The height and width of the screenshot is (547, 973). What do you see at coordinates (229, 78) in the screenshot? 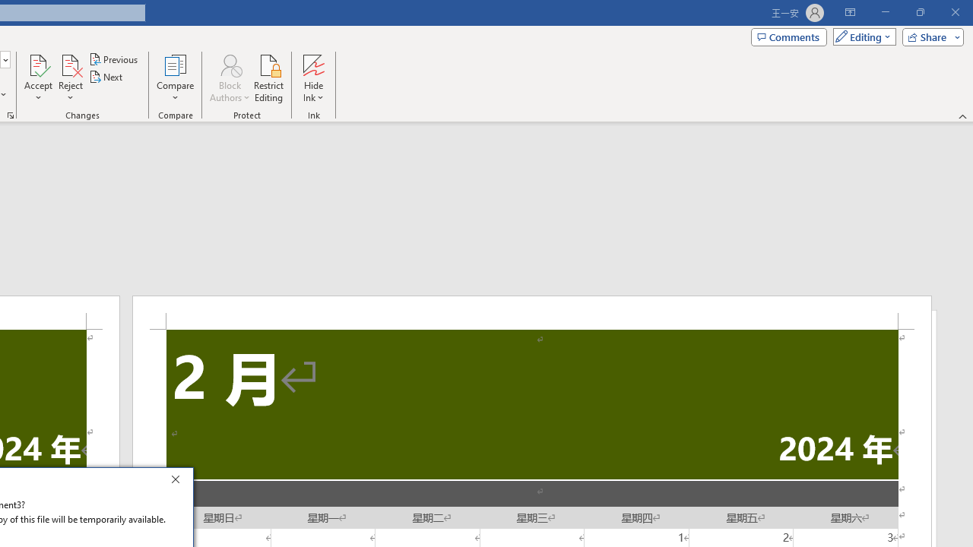
I see `'Block Authors'` at bounding box center [229, 78].